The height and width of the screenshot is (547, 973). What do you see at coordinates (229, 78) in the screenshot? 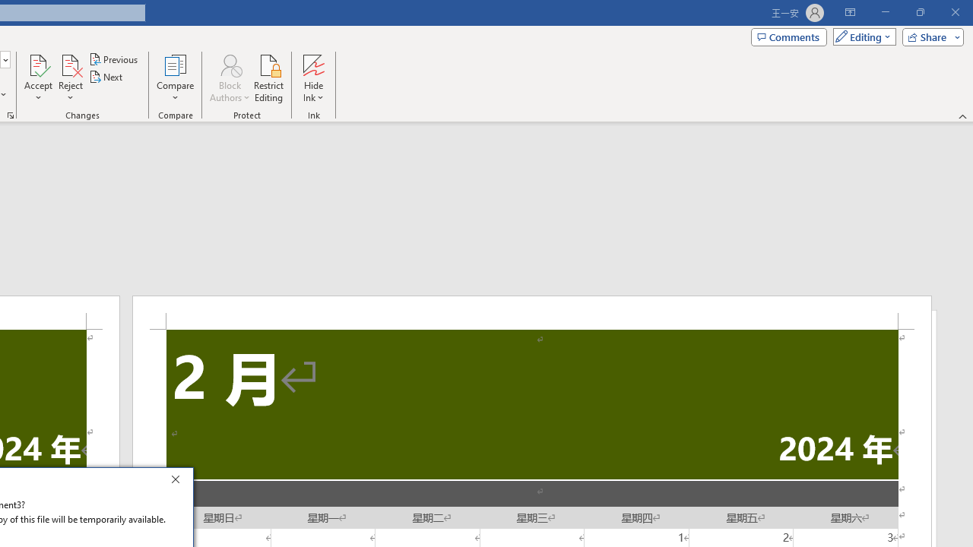
I see `'Block Authors'` at bounding box center [229, 78].